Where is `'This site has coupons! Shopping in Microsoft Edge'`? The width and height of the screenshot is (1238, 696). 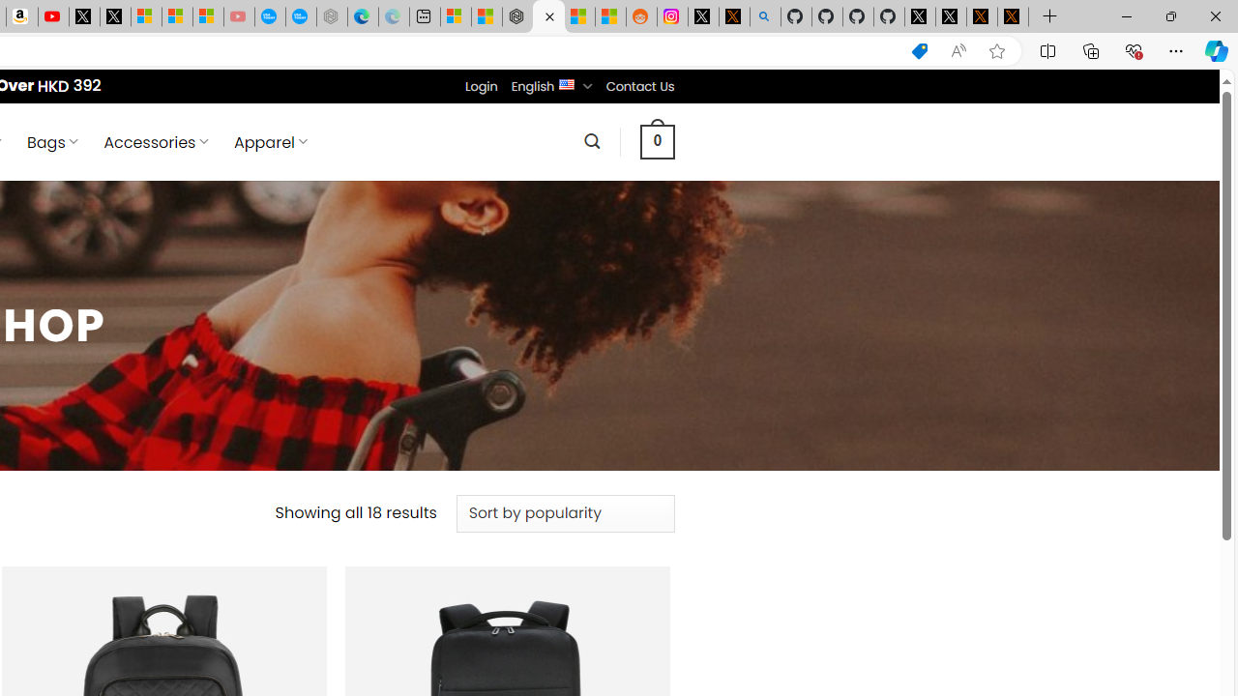 'This site has coupons! Shopping in Microsoft Edge' is located at coordinates (919, 50).